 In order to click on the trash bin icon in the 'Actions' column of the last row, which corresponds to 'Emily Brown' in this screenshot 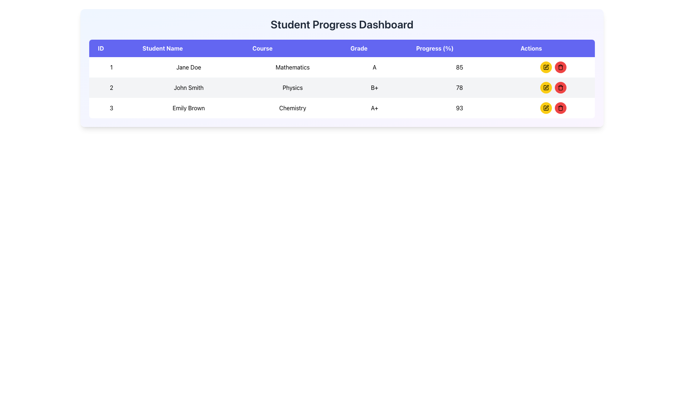, I will do `click(560, 108)`.